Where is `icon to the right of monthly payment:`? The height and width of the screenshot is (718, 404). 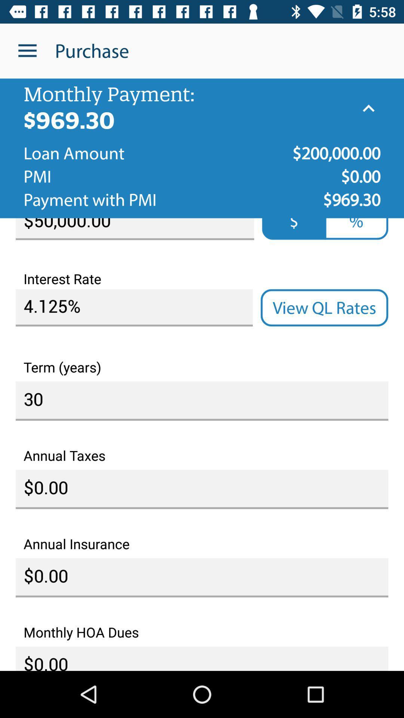 icon to the right of monthly payment: is located at coordinates (368, 108).